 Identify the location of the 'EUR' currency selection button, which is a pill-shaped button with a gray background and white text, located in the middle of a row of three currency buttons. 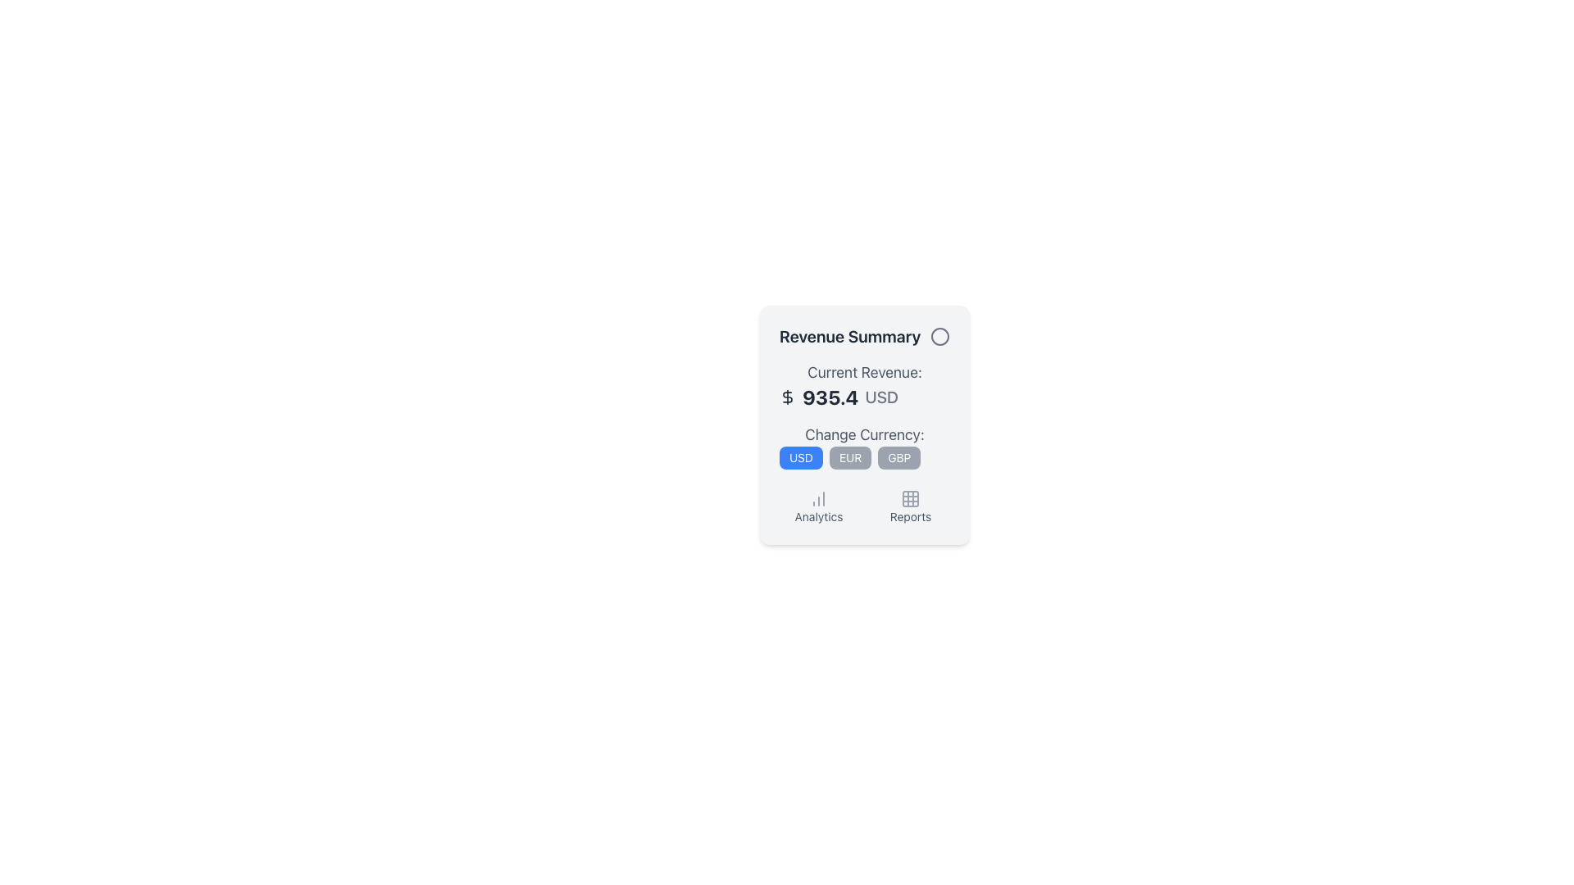
(850, 458).